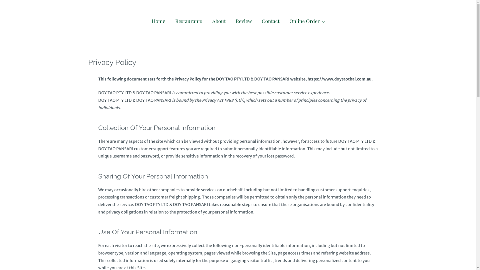  I want to click on 'Review', so click(243, 20).